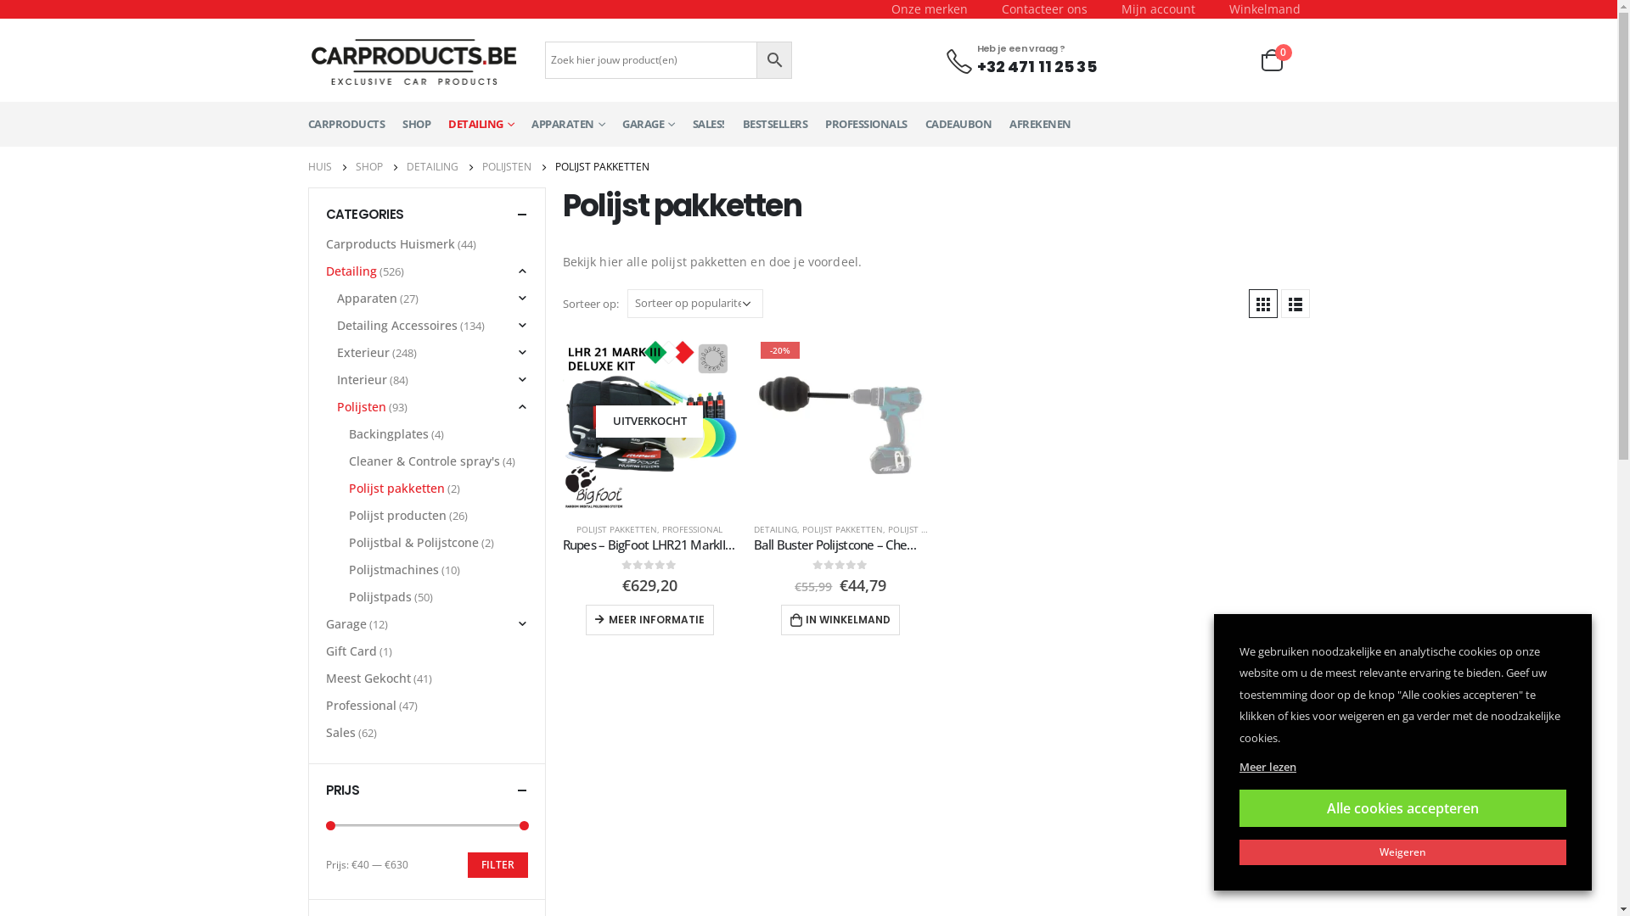 This screenshot has width=1630, height=916. Describe the element at coordinates (424, 461) in the screenshot. I see `'Cleaner & Controle spray's'` at that location.